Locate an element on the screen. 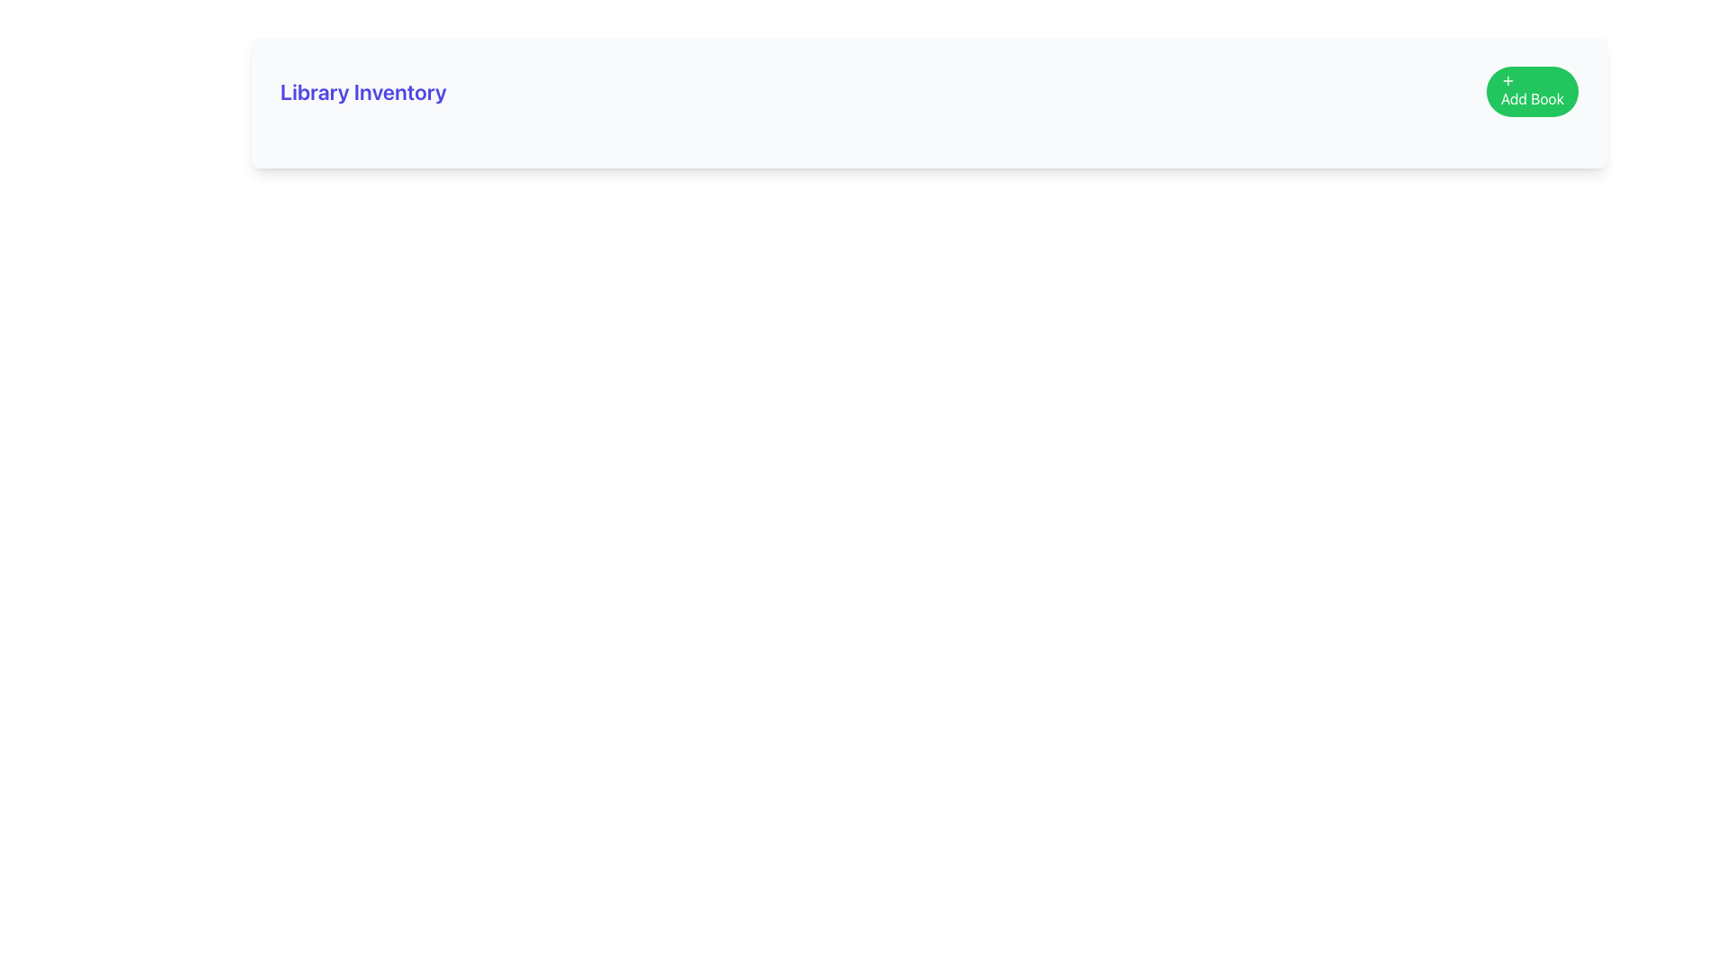  the plus icon located within the green 'Add Book' button, positioned in the upper-right corner of the interface is located at coordinates (1507, 79).